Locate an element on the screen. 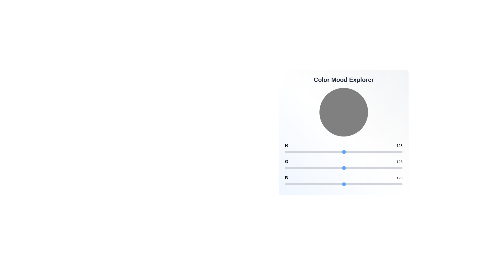  the green color channel slider to 188 is located at coordinates (372, 168).